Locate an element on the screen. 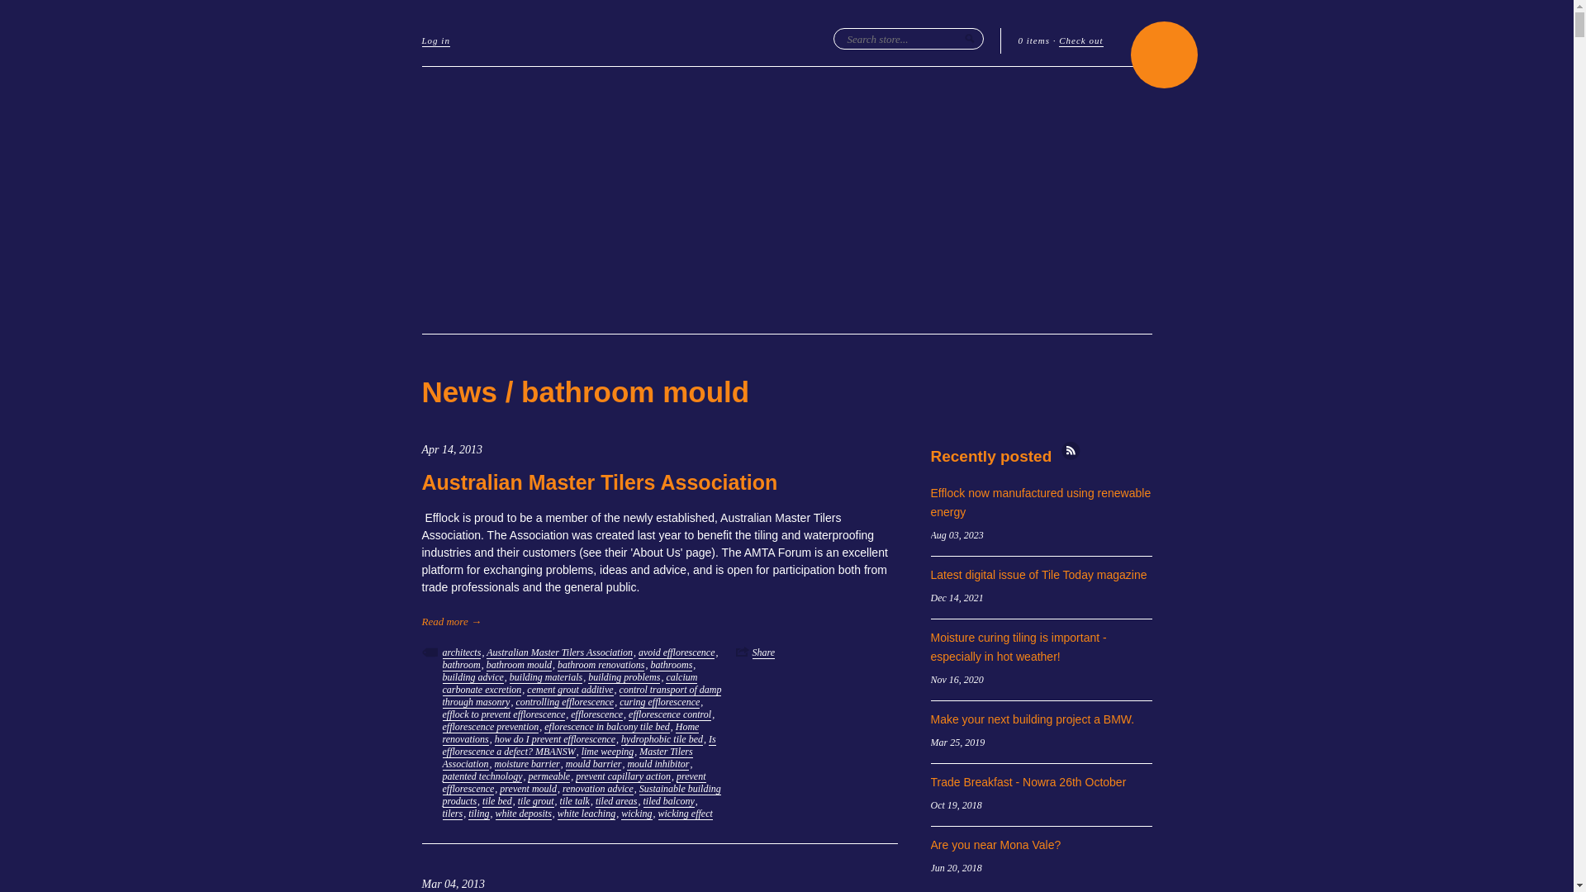 The width and height of the screenshot is (1586, 892). 'RSS' is located at coordinates (1071, 450).